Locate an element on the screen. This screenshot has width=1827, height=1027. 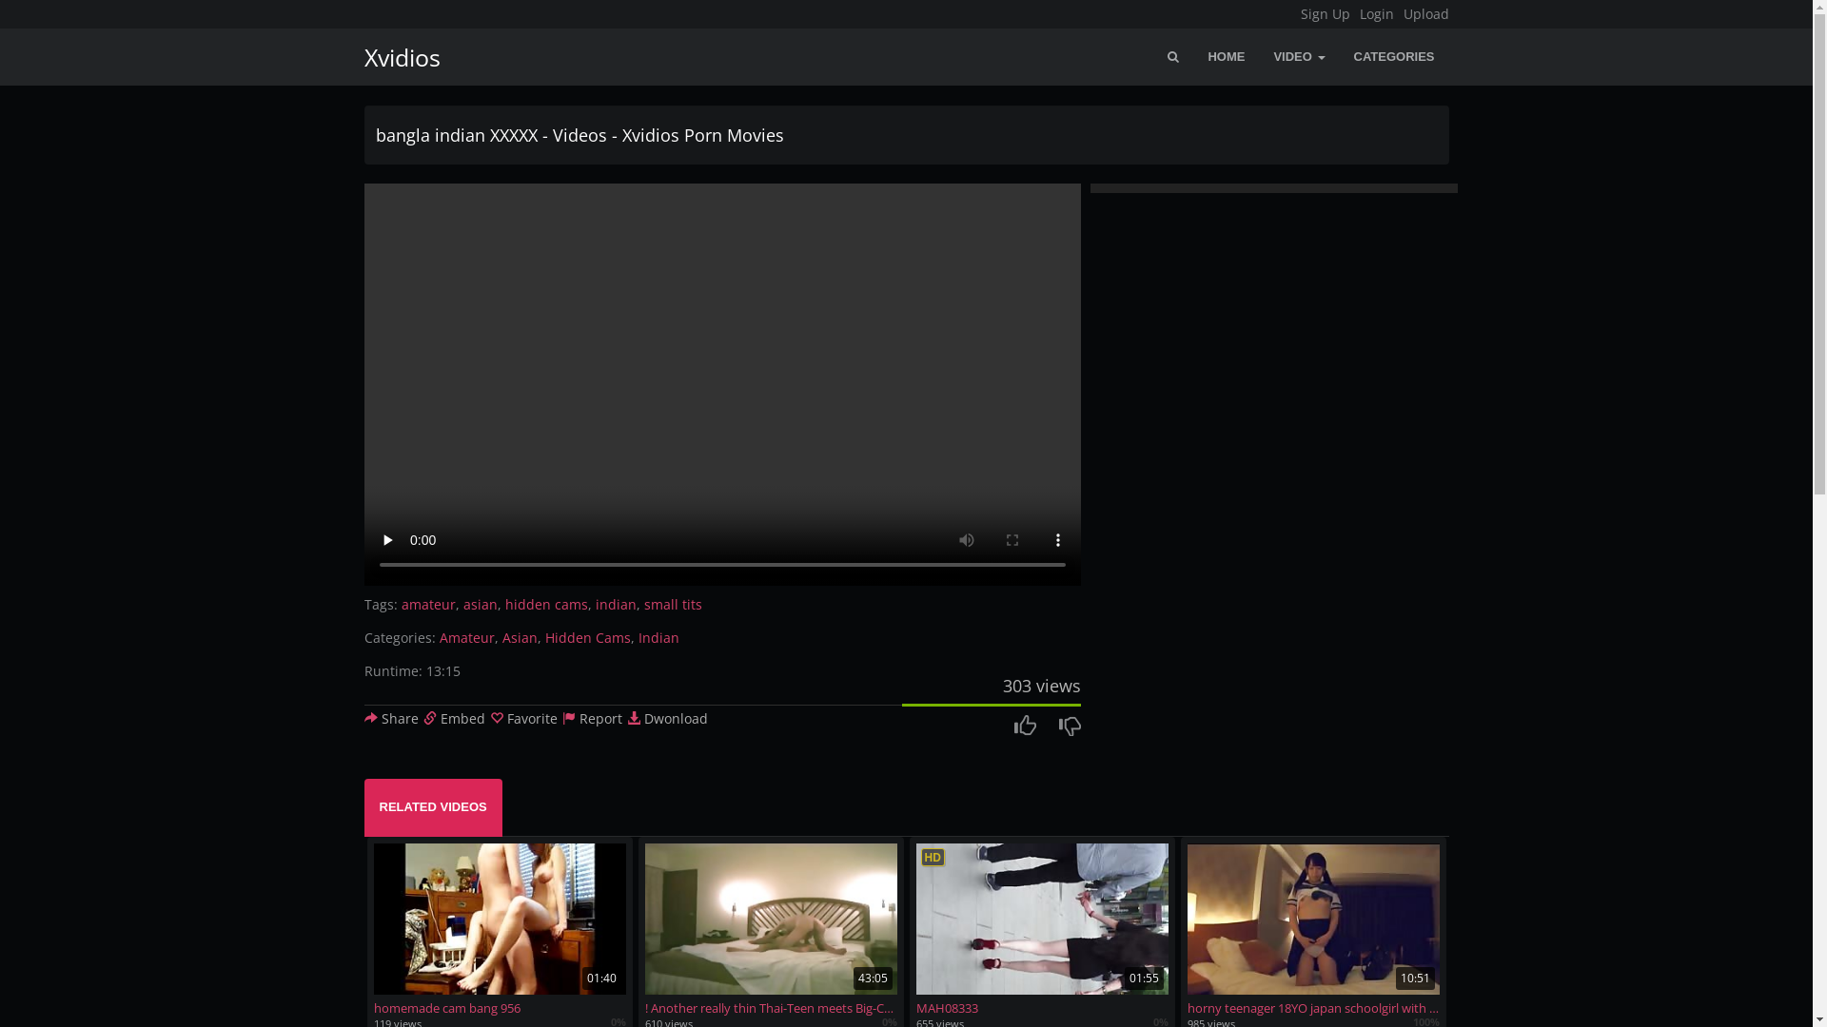
'HOME' is located at coordinates (1226, 56).